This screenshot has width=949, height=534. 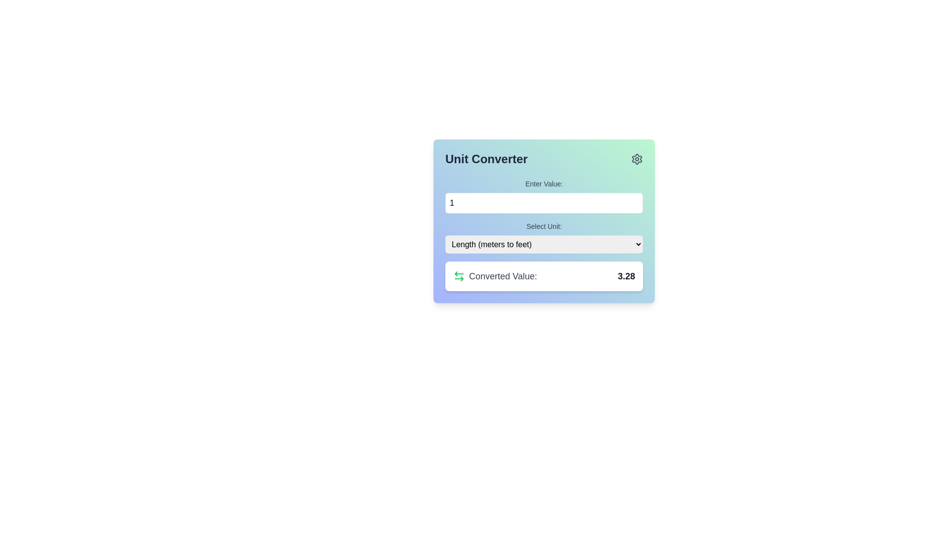 What do you see at coordinates (486, 158) in the screenshot?
I see `the 'Unit Converter' text label, which is a bold, large font label with dark gray color at the top of the user interface panel` at bounding box center [486, 158].